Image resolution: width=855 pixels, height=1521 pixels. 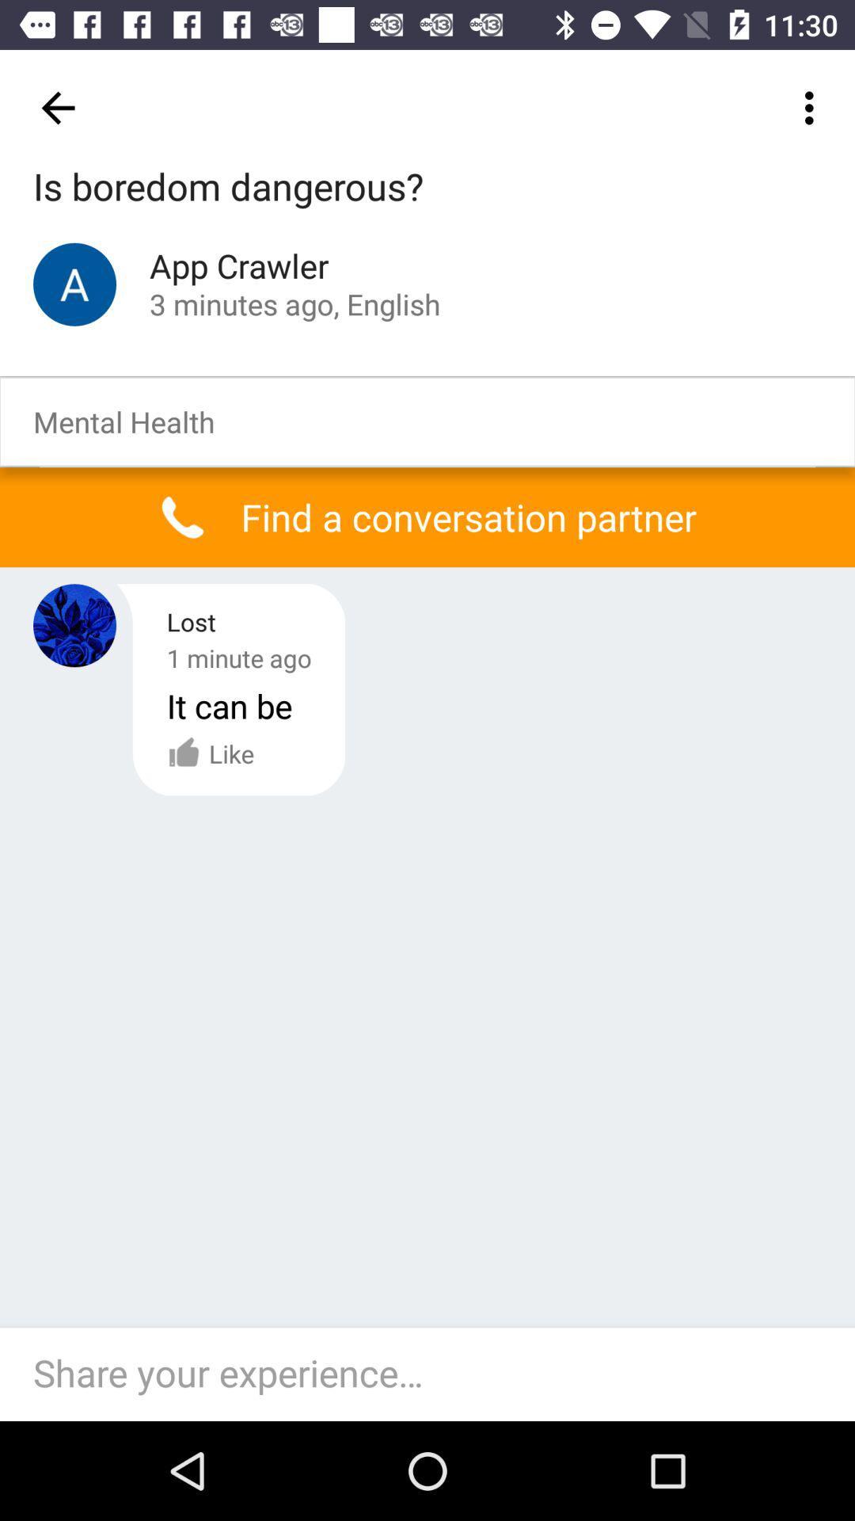 What do you see at coordinates (74, 284) in the screenshot?
I see `contact icon` at bounding box center [74, 284].